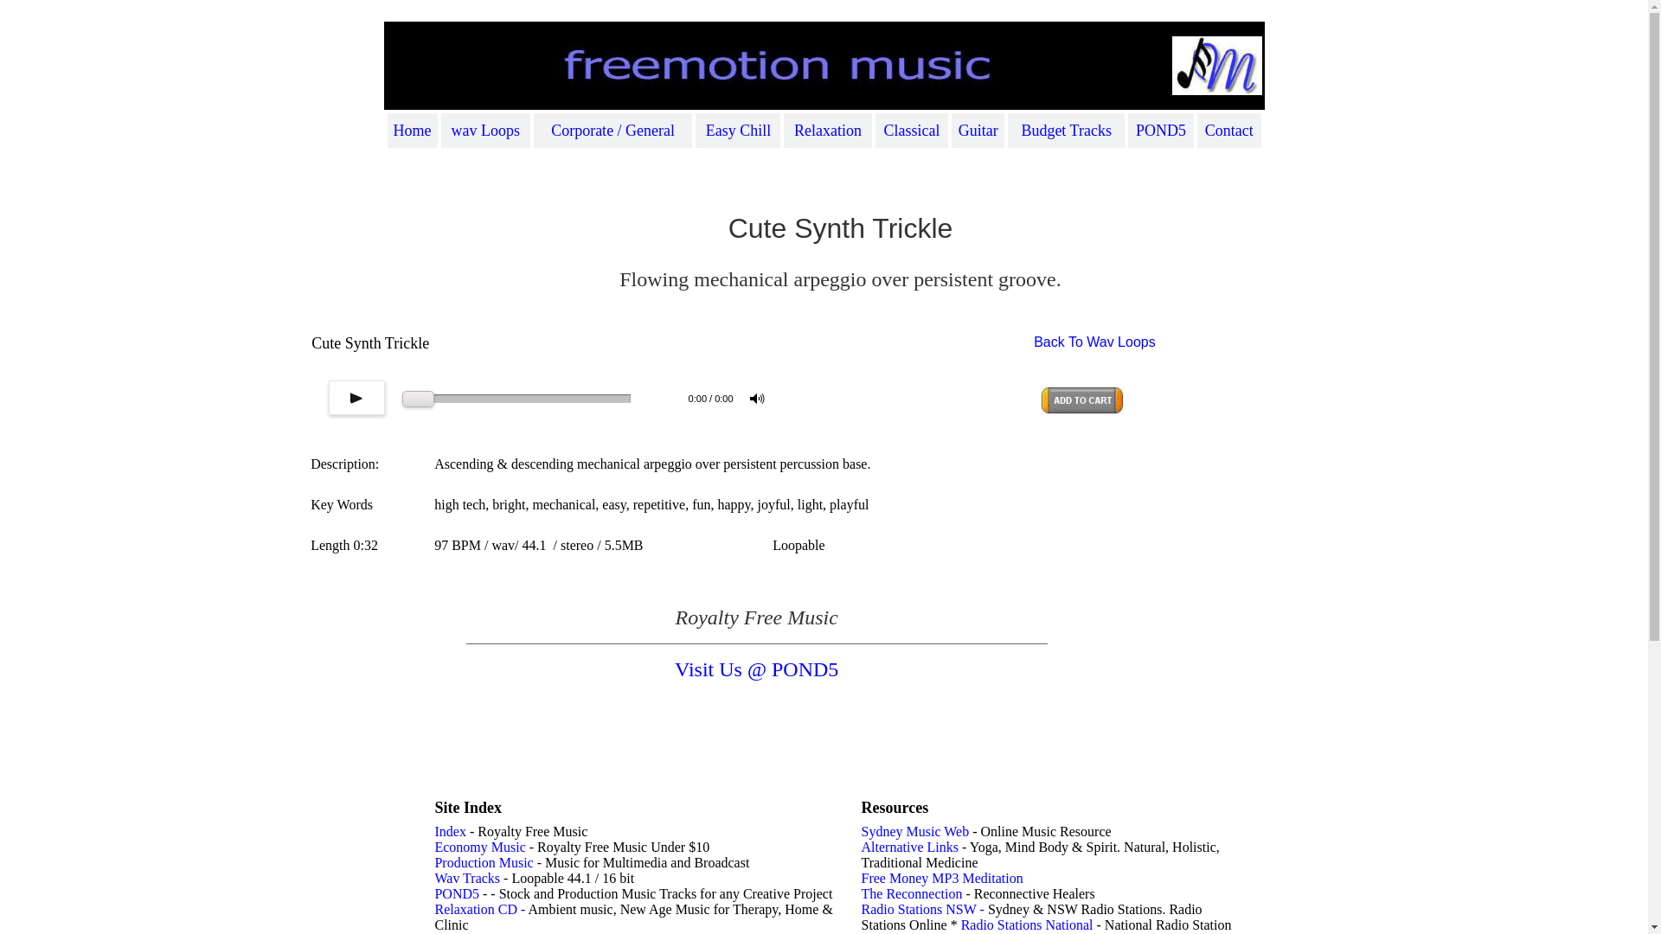  Describe the element at coordinates (792, 129) in the screenshot. I see `'Relaxation'` at that location.